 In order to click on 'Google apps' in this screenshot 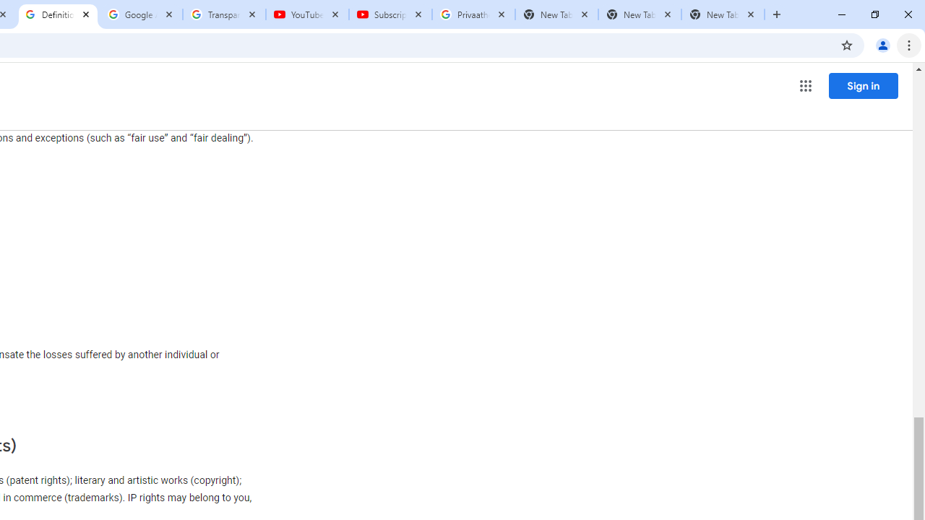, I will do `click(804, 86)`.